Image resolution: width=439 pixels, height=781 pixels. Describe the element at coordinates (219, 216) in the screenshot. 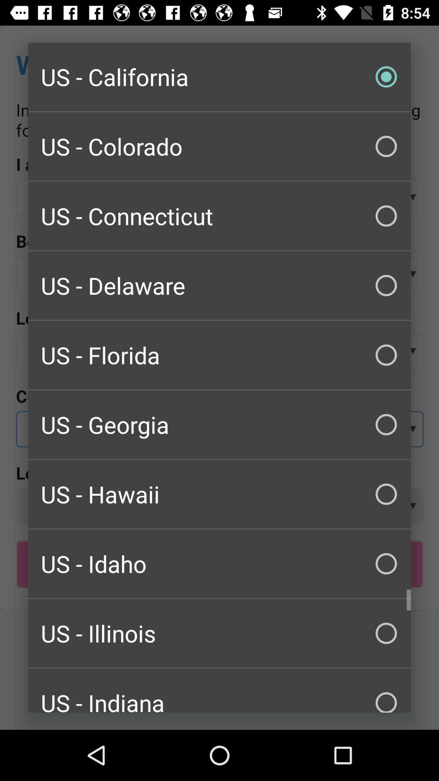

I see `the item above us - delaware item` at that location.